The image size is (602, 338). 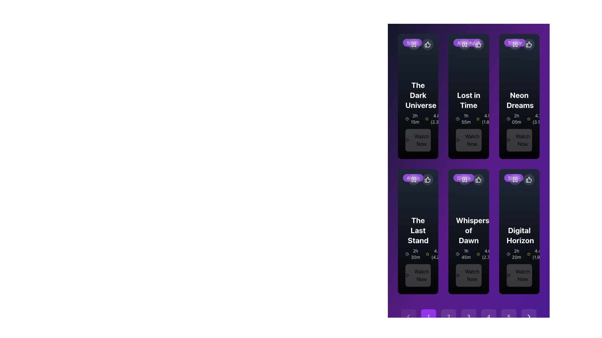 What do you see at coordinates (515, 180) in the screenshot?
I see `the circular button with a white bookmark icon and translucent purple background, which is the second in a group of three buttons above the 'Digital Horizon' card` at bounding box center [515, 180].